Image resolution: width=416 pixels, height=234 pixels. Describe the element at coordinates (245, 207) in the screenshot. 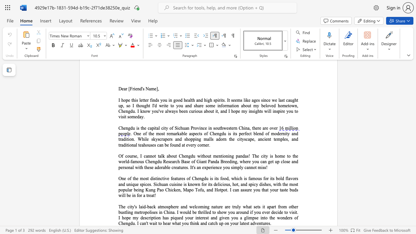

I see `the space between the continuous character "w" and "h" in the text` at that location.